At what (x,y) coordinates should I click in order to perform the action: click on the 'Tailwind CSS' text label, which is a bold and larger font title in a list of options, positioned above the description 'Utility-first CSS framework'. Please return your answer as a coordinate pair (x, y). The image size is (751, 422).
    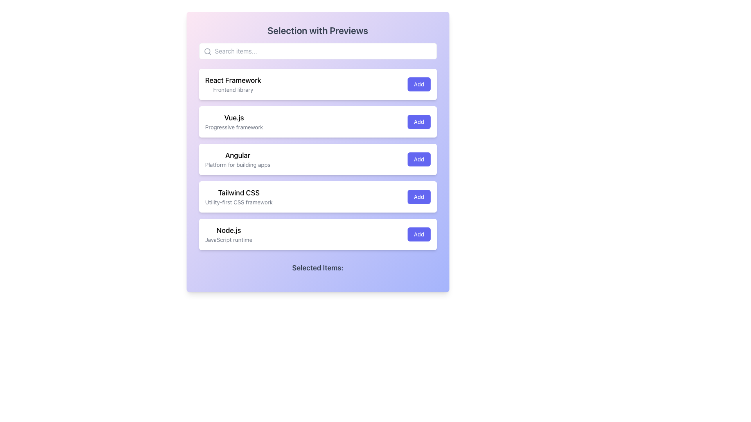
    Looking at the image, I should click on (238, 193).